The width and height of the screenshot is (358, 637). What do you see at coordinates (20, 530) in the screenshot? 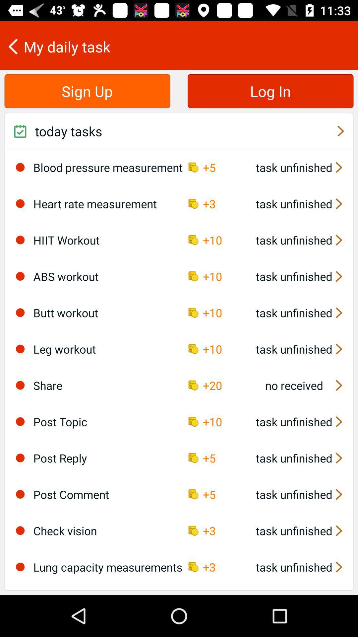
I see `check vision` at bounding box center [20, 530].